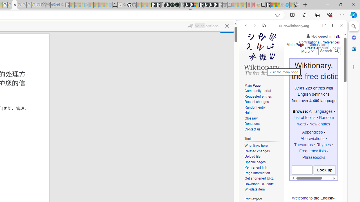 The width and height of the screenshot is (360, 202). Describe the element at coordinates (277, 5) in the screenshot. I see `'Earth has six continents not seven, radical new study claims'` at that location.